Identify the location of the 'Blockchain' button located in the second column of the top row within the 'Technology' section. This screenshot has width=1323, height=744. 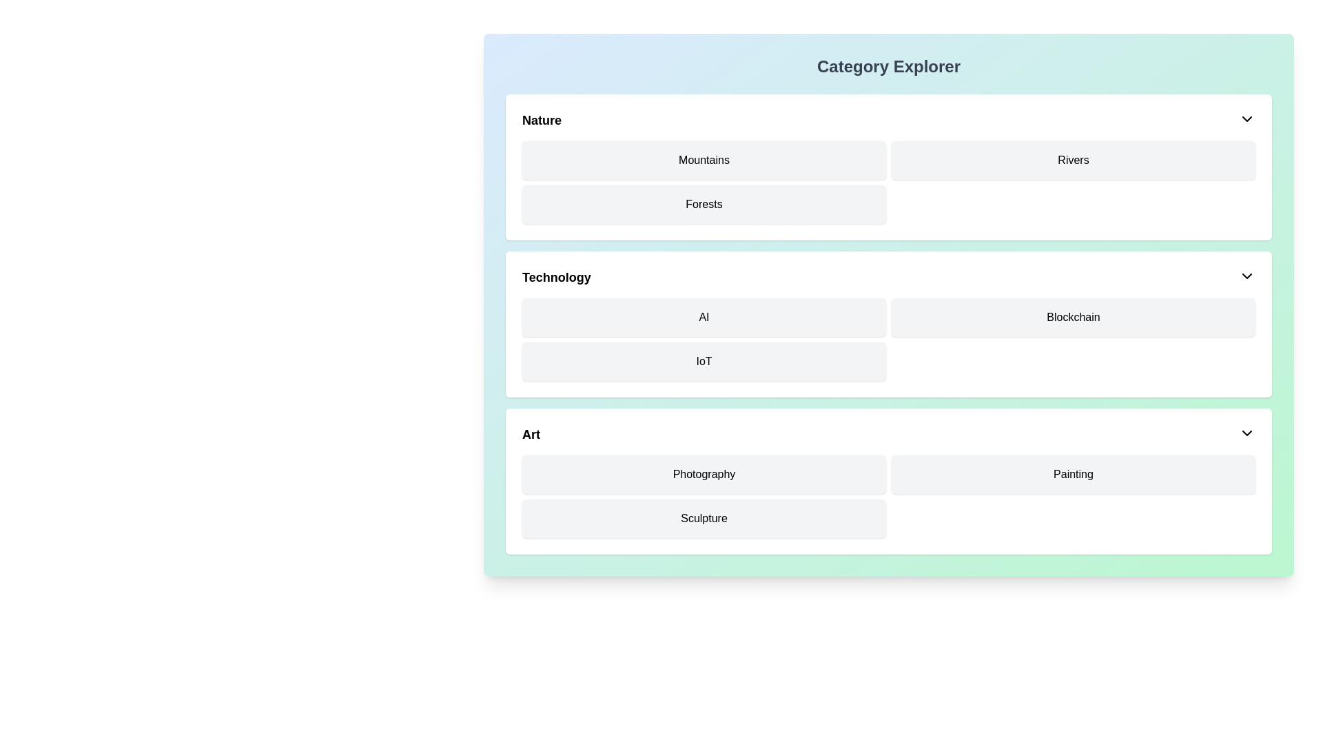
(1073, 318).